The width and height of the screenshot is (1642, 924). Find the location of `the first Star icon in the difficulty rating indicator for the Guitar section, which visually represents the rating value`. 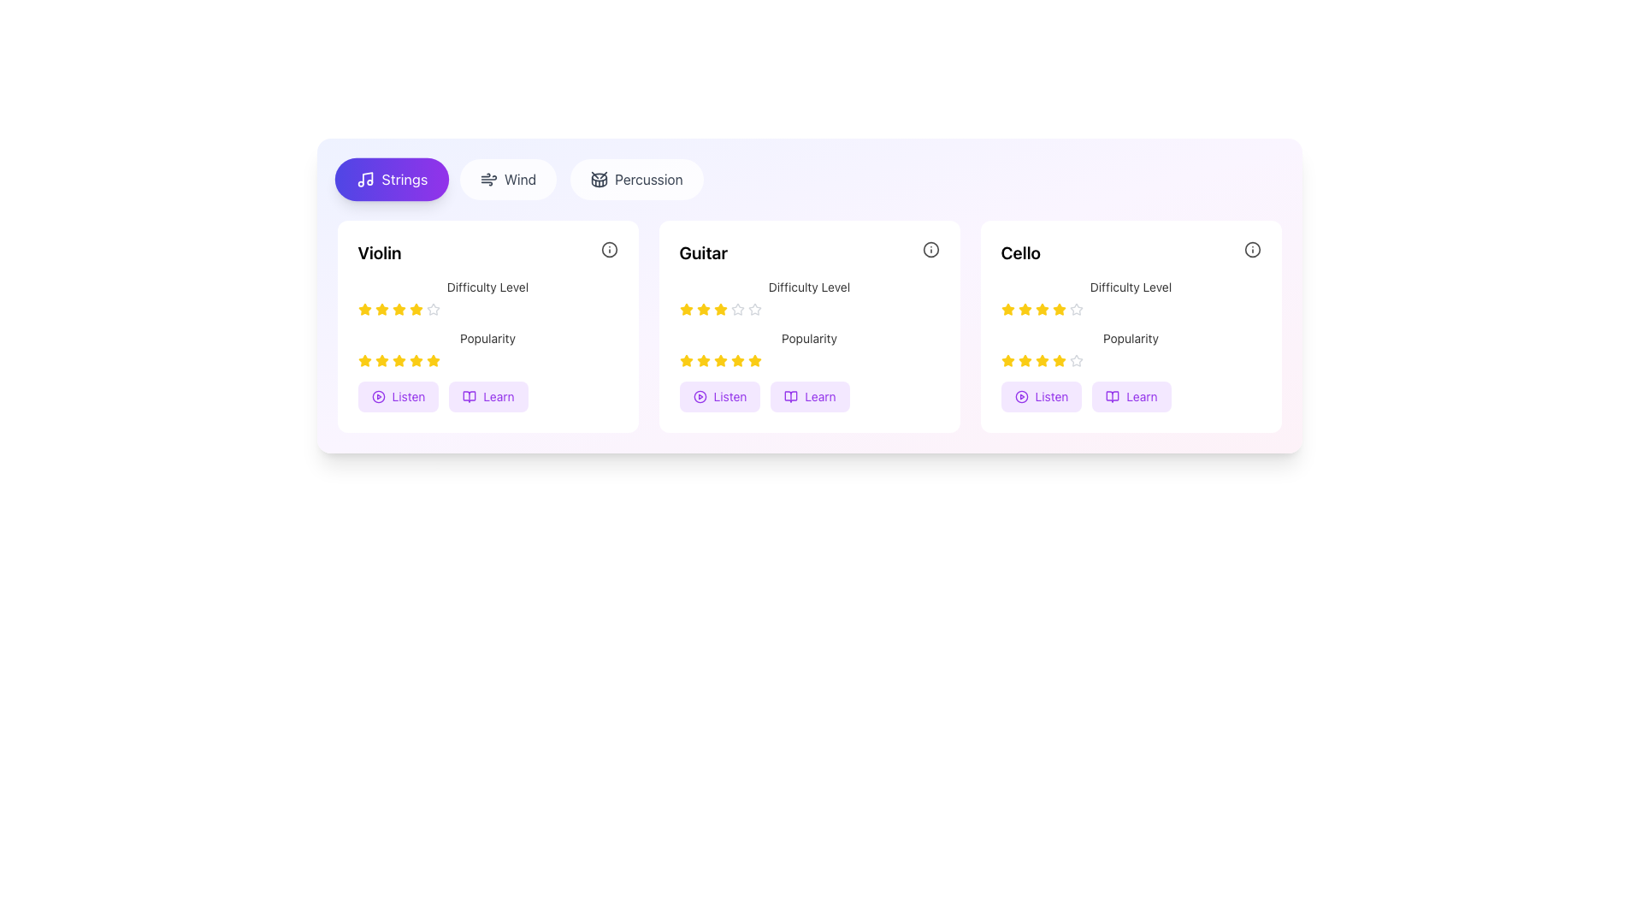

the first Star icon in the difficulty rating indicator for the Guitar section, which visually represents the rating value is located at coordinates (686, 309).